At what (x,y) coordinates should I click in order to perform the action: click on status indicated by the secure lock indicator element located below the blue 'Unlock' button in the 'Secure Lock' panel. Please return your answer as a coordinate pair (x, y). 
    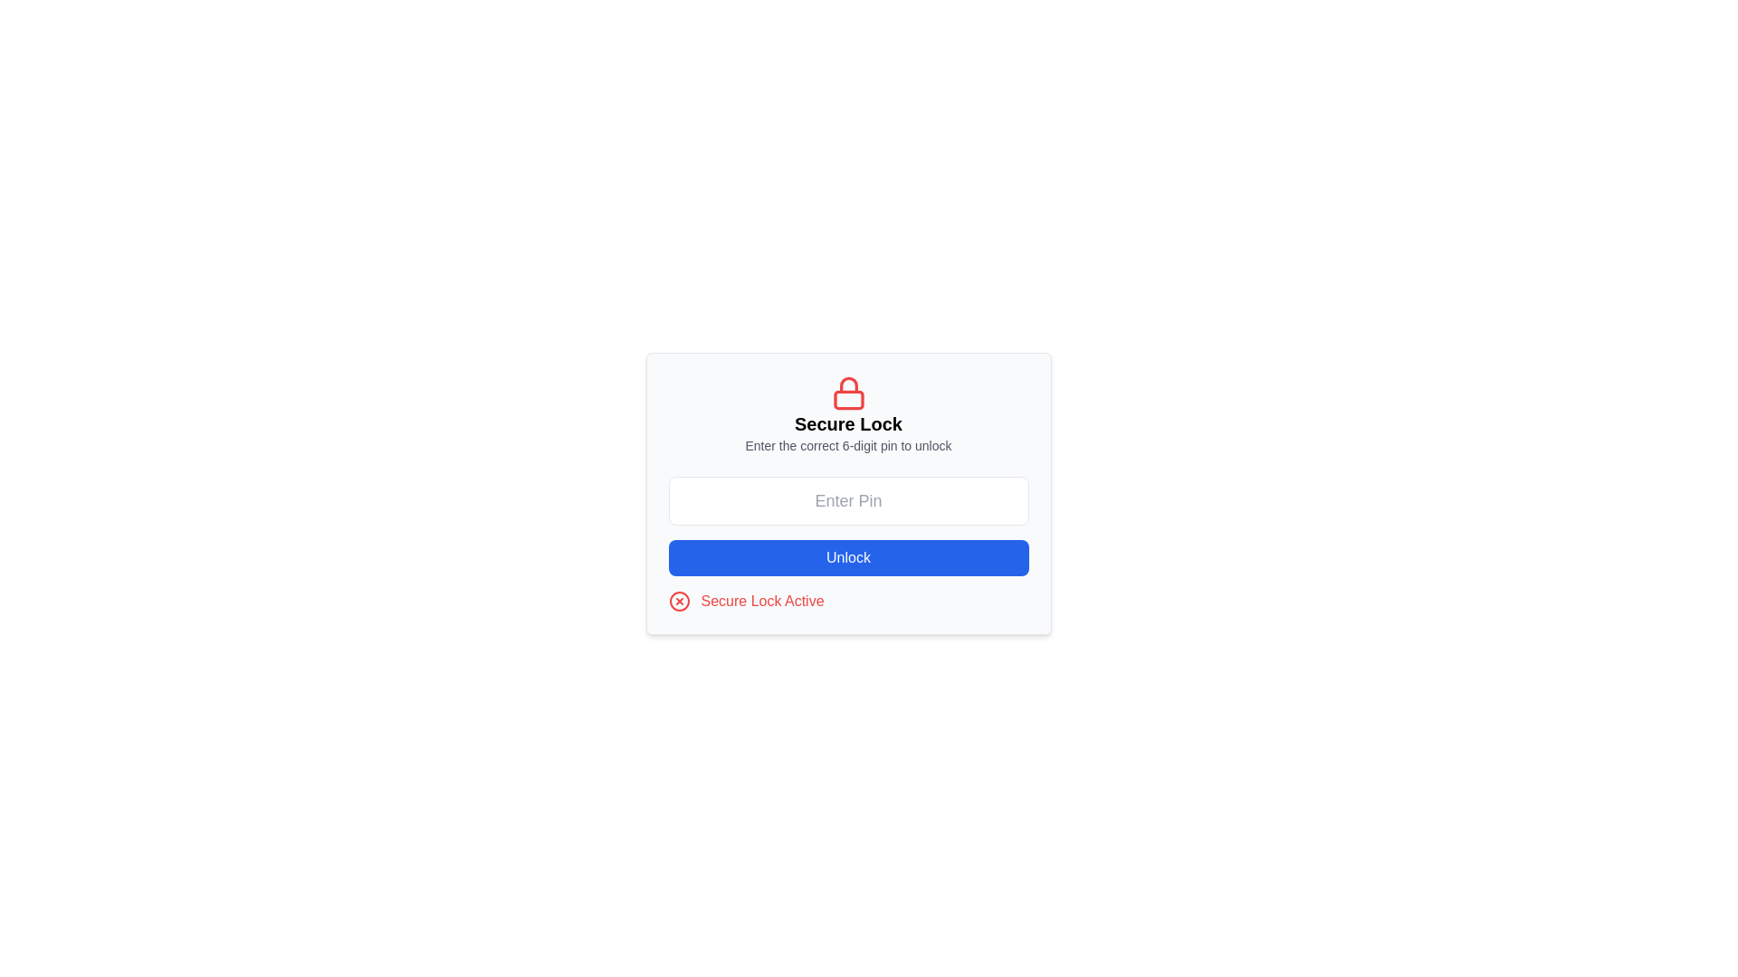
    Looking at the image, I should click on (847, 601).